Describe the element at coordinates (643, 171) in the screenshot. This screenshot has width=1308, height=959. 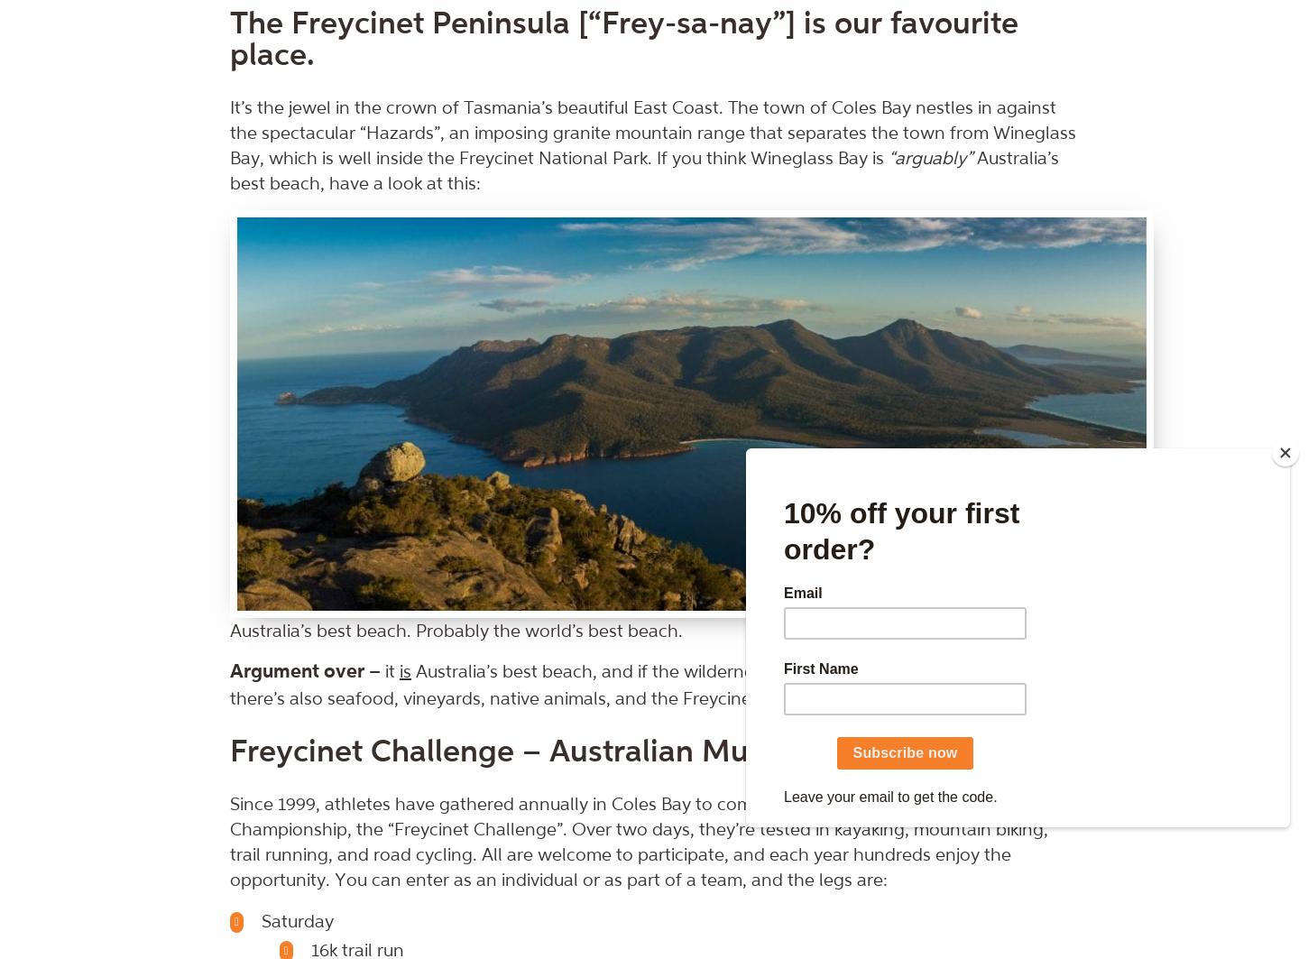
I see `'Australia’s best beach, have a look at this:'` at that location.